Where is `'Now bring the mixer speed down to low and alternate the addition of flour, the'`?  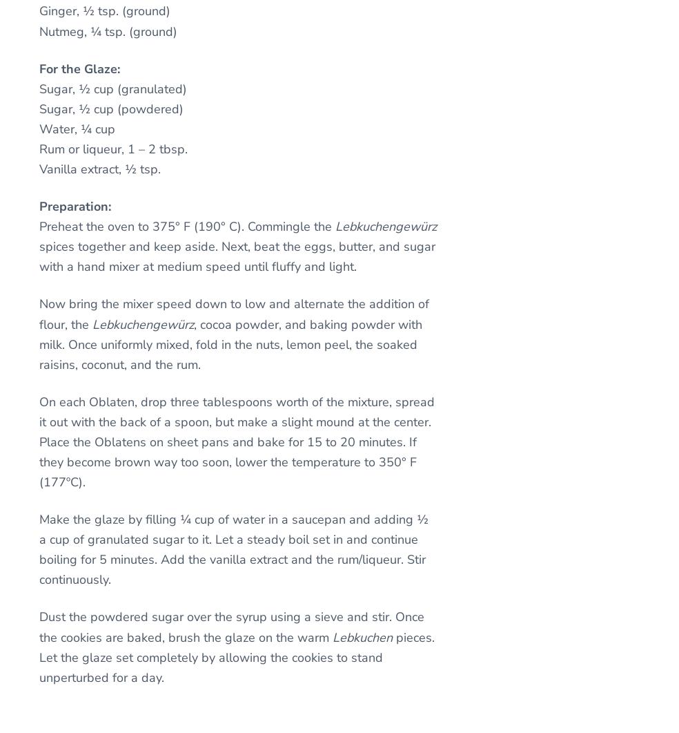
'Now bring the mixer speed down to low and alternate the addition of flour, the' is located at coordinates (38, 314).